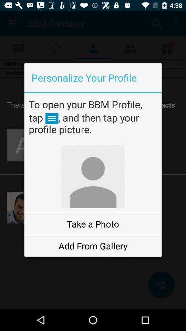  What do you see at coordinates (93, 223) in the screenshot?
I see `the take a photo item` at bounding box center [93, 223].